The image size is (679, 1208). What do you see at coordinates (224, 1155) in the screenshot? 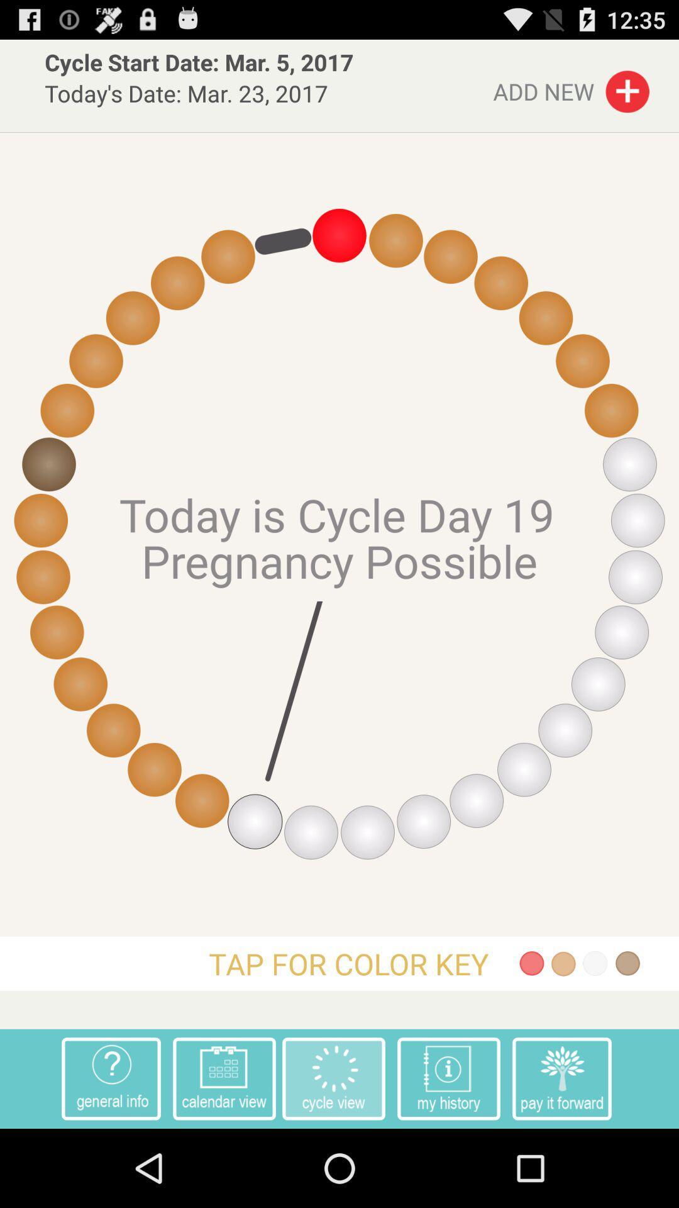
I see `the date_range icon` at bounding box center [224, 1155].